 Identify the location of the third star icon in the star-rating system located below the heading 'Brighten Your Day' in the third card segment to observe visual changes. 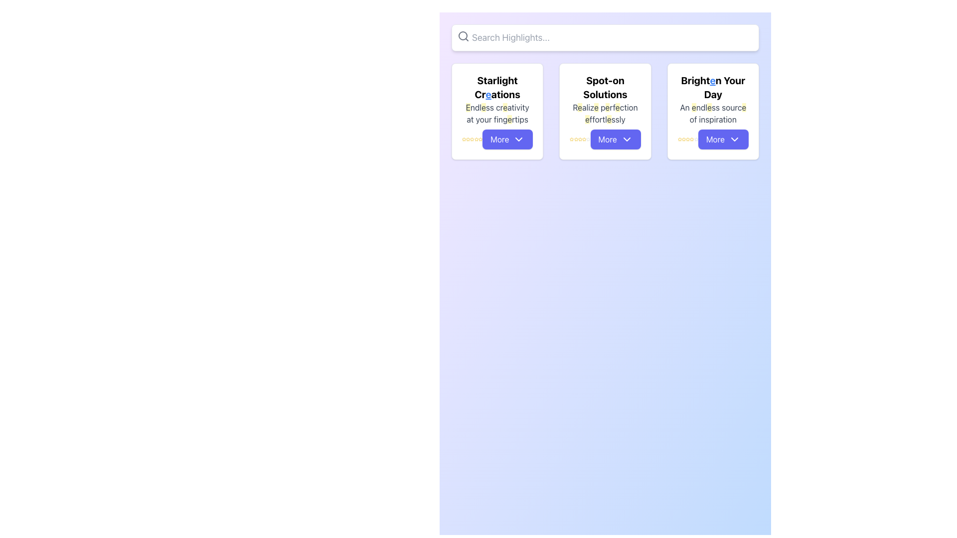
(683, 139).